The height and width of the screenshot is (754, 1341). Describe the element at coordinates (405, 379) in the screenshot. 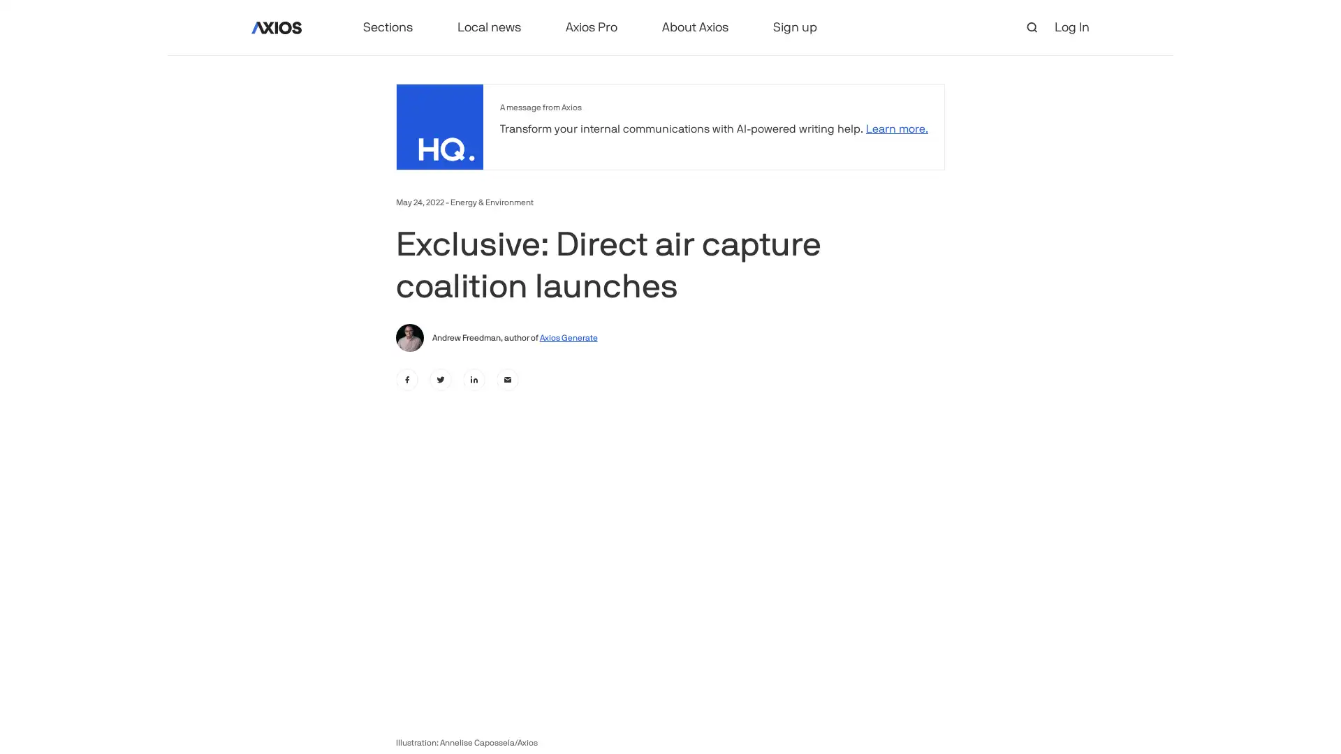

I see `facebook` at that location.